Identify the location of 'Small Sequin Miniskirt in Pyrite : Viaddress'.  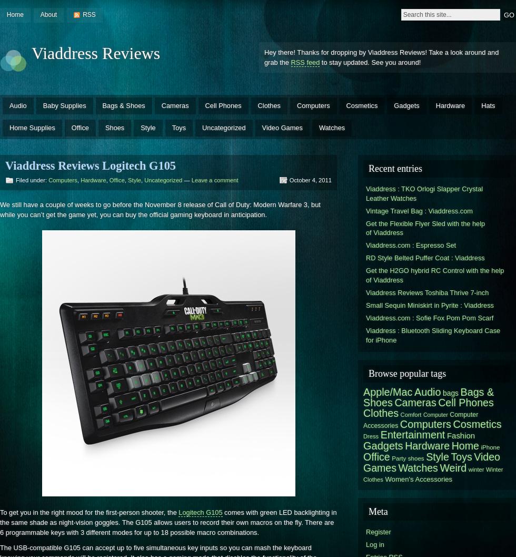
(430, 304).